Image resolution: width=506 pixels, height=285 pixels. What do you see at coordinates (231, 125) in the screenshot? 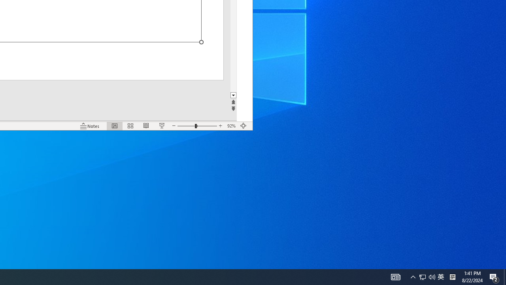
I see `'Zoom 92%'` at bounding box center [231, 125].